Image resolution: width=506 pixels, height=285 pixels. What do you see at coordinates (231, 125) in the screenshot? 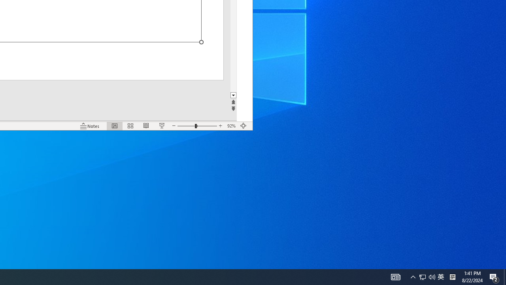
I see `'Zoom 92%'` at bounding box center [231, 125].